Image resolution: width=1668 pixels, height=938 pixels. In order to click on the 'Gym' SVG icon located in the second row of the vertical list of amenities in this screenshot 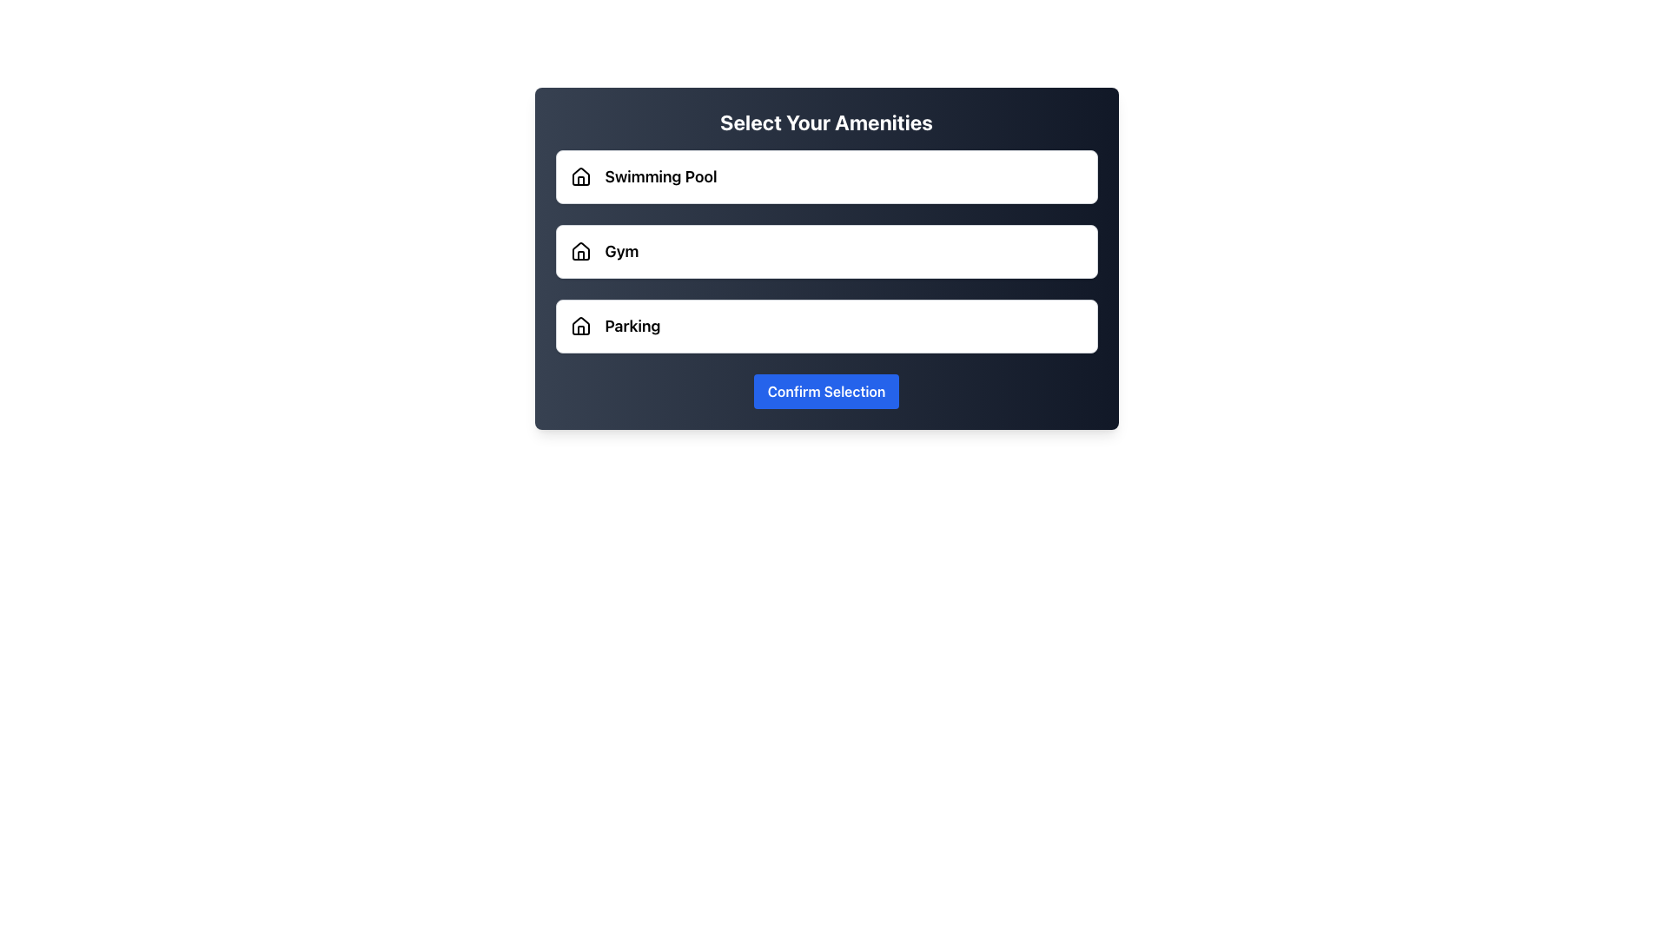, I will do `click(580, 251)`.